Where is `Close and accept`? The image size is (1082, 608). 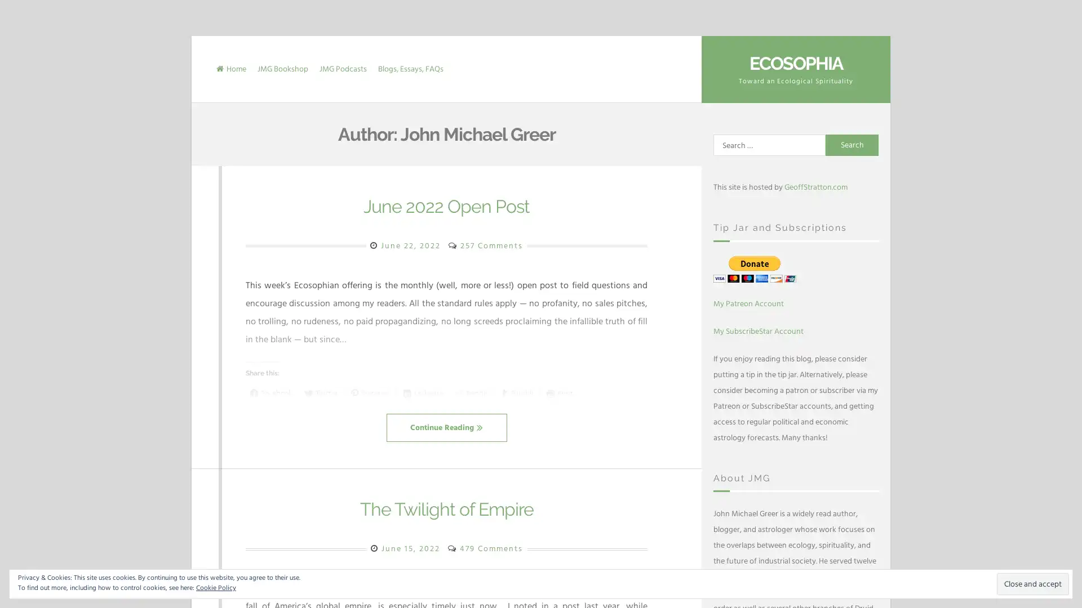
Close and accept is located at coordinates (1033, 583).